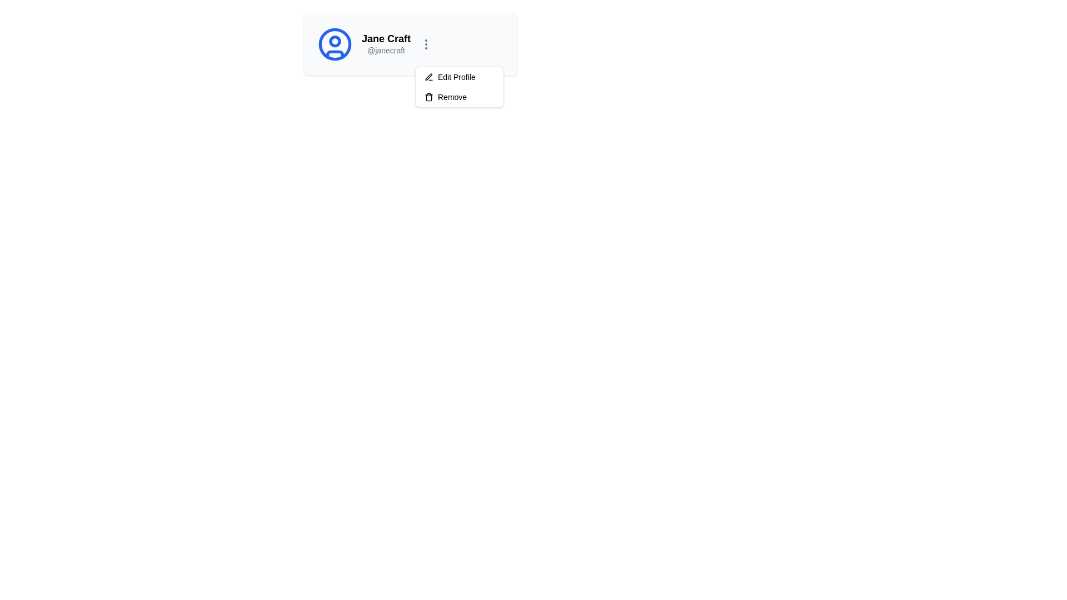  What do you see at coordinates (426, 44) in the screenshot?
I see `the Menu Trigger Icon, which is a vertically aligned ellipsis icon composed of three gray dots, located at the far right side of the profile header` at bounding box center [426, 44].